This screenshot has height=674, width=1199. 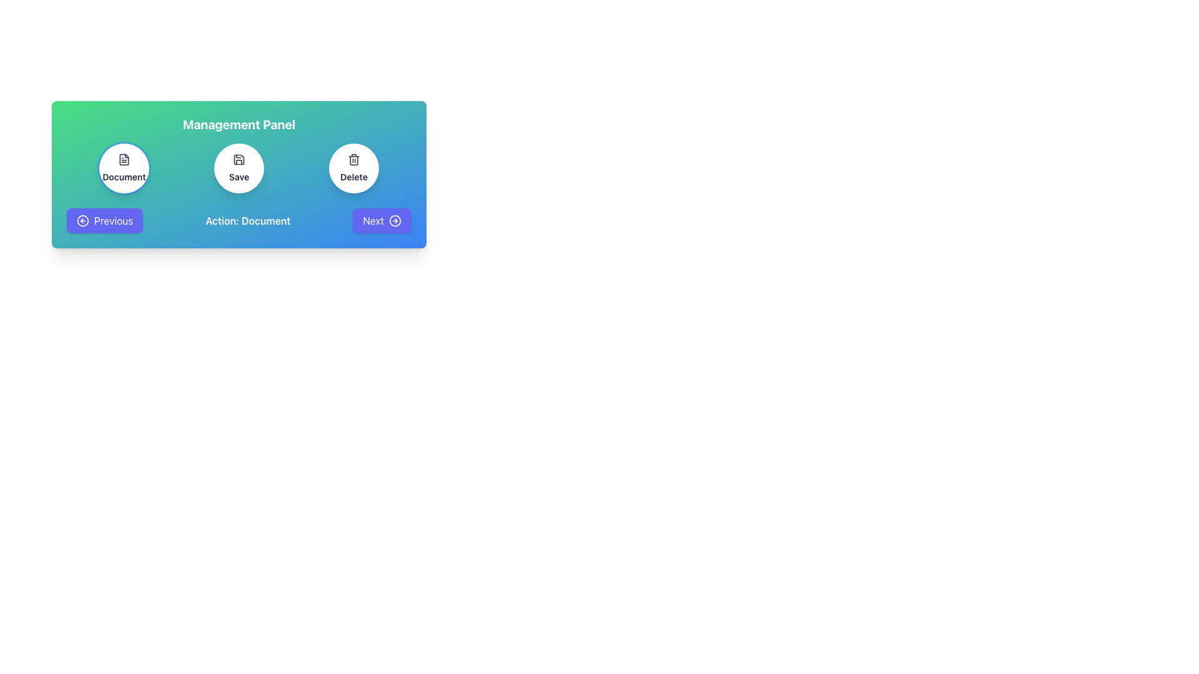 I want to click on the text label that reads 'Action: Document', which is centrally positioned between the 'Previous' and 'Next' buttons, so click(x=248, y=220).